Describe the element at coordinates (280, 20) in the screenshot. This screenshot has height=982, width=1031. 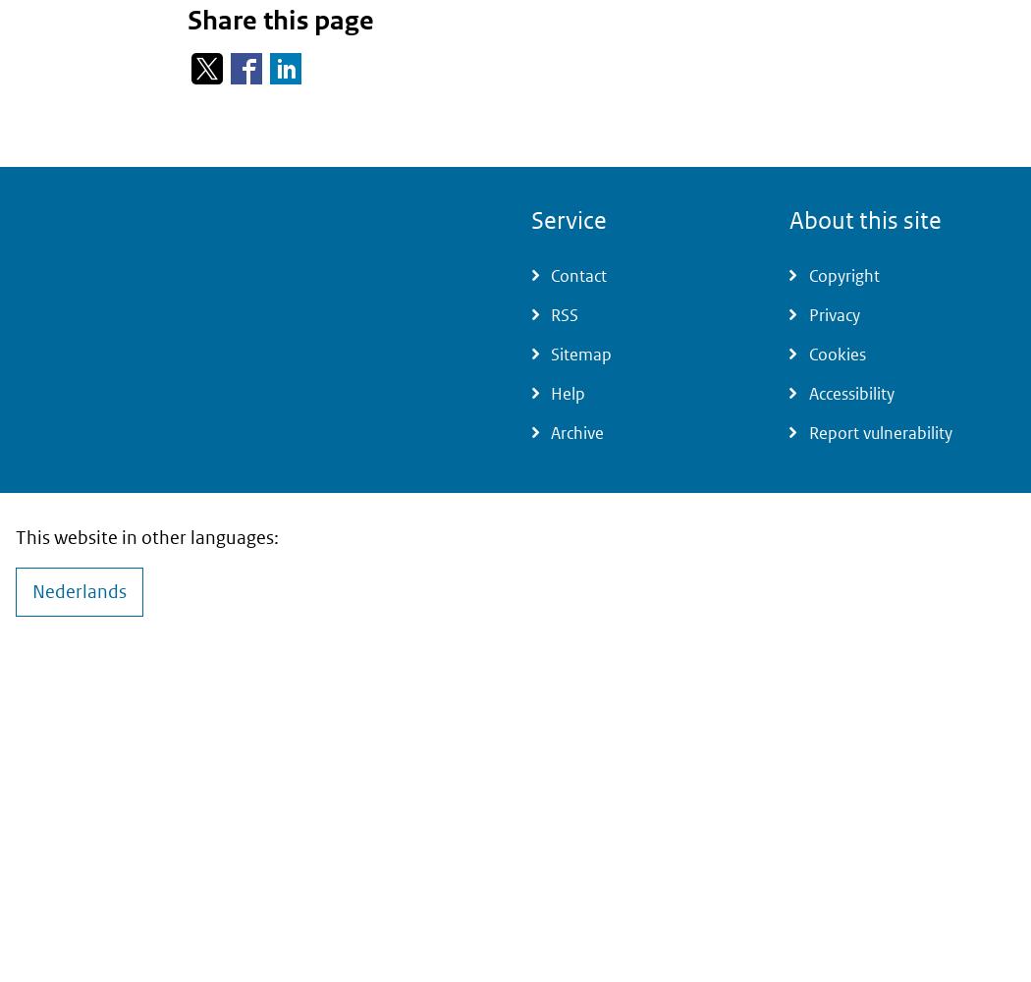
I see `'Share this page'` at that location.